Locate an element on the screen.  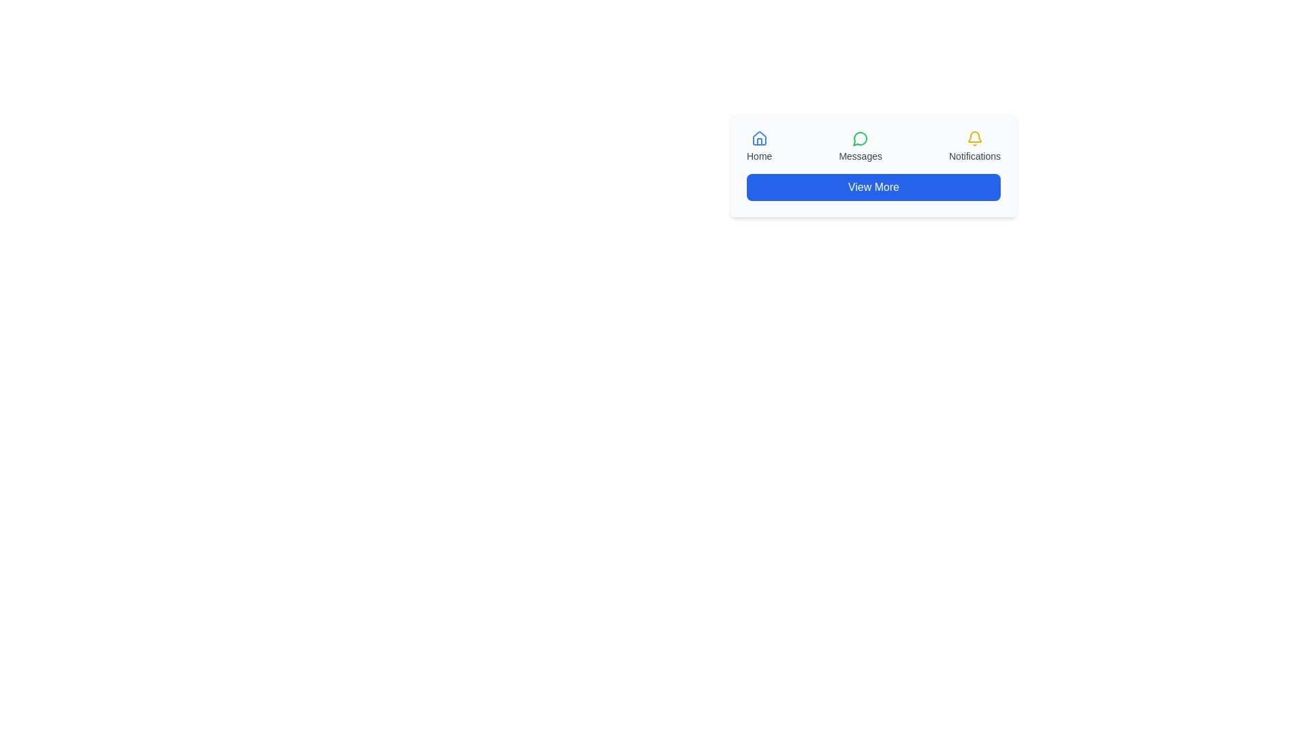
the centrally located Navigation button with an icon and label is located at coordinates (860, 146).